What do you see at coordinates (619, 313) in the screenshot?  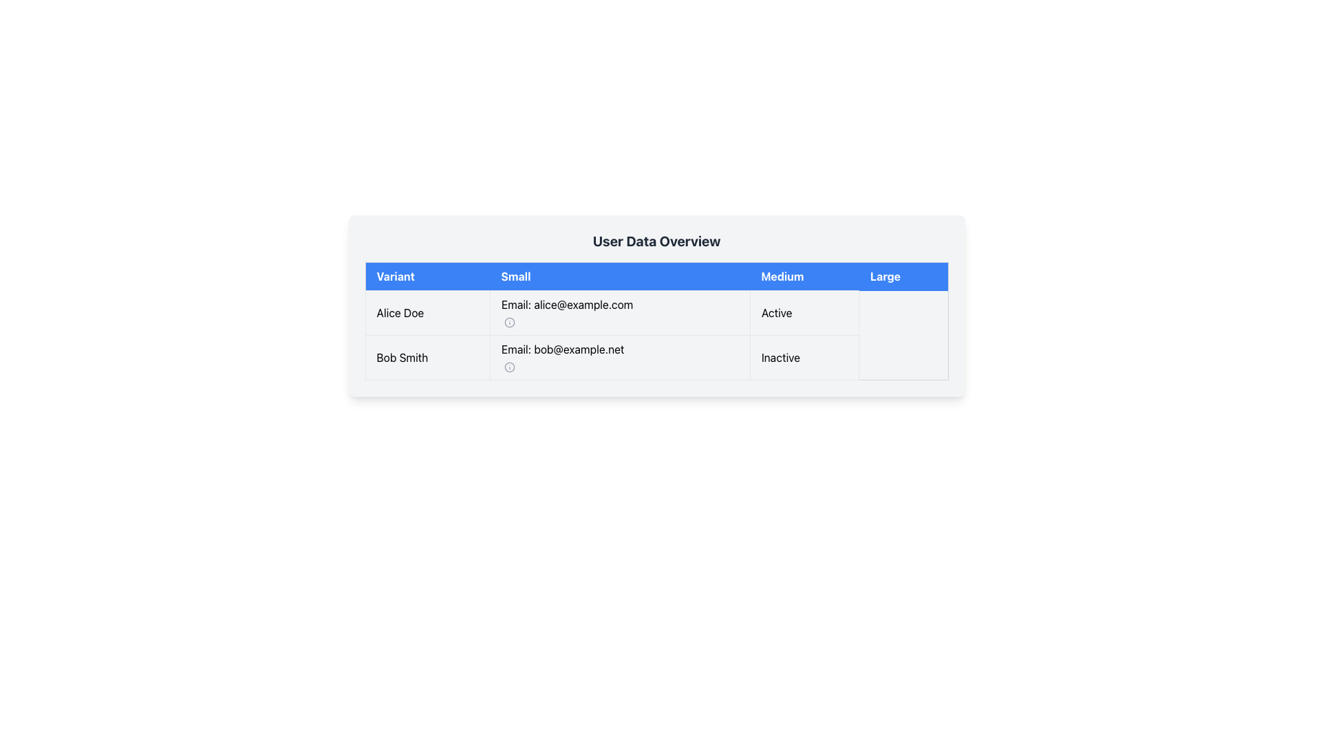 I see `the information icon adjacent to the text 'Email: alice@example.com' for additional information` at bounding box center [619, 313].